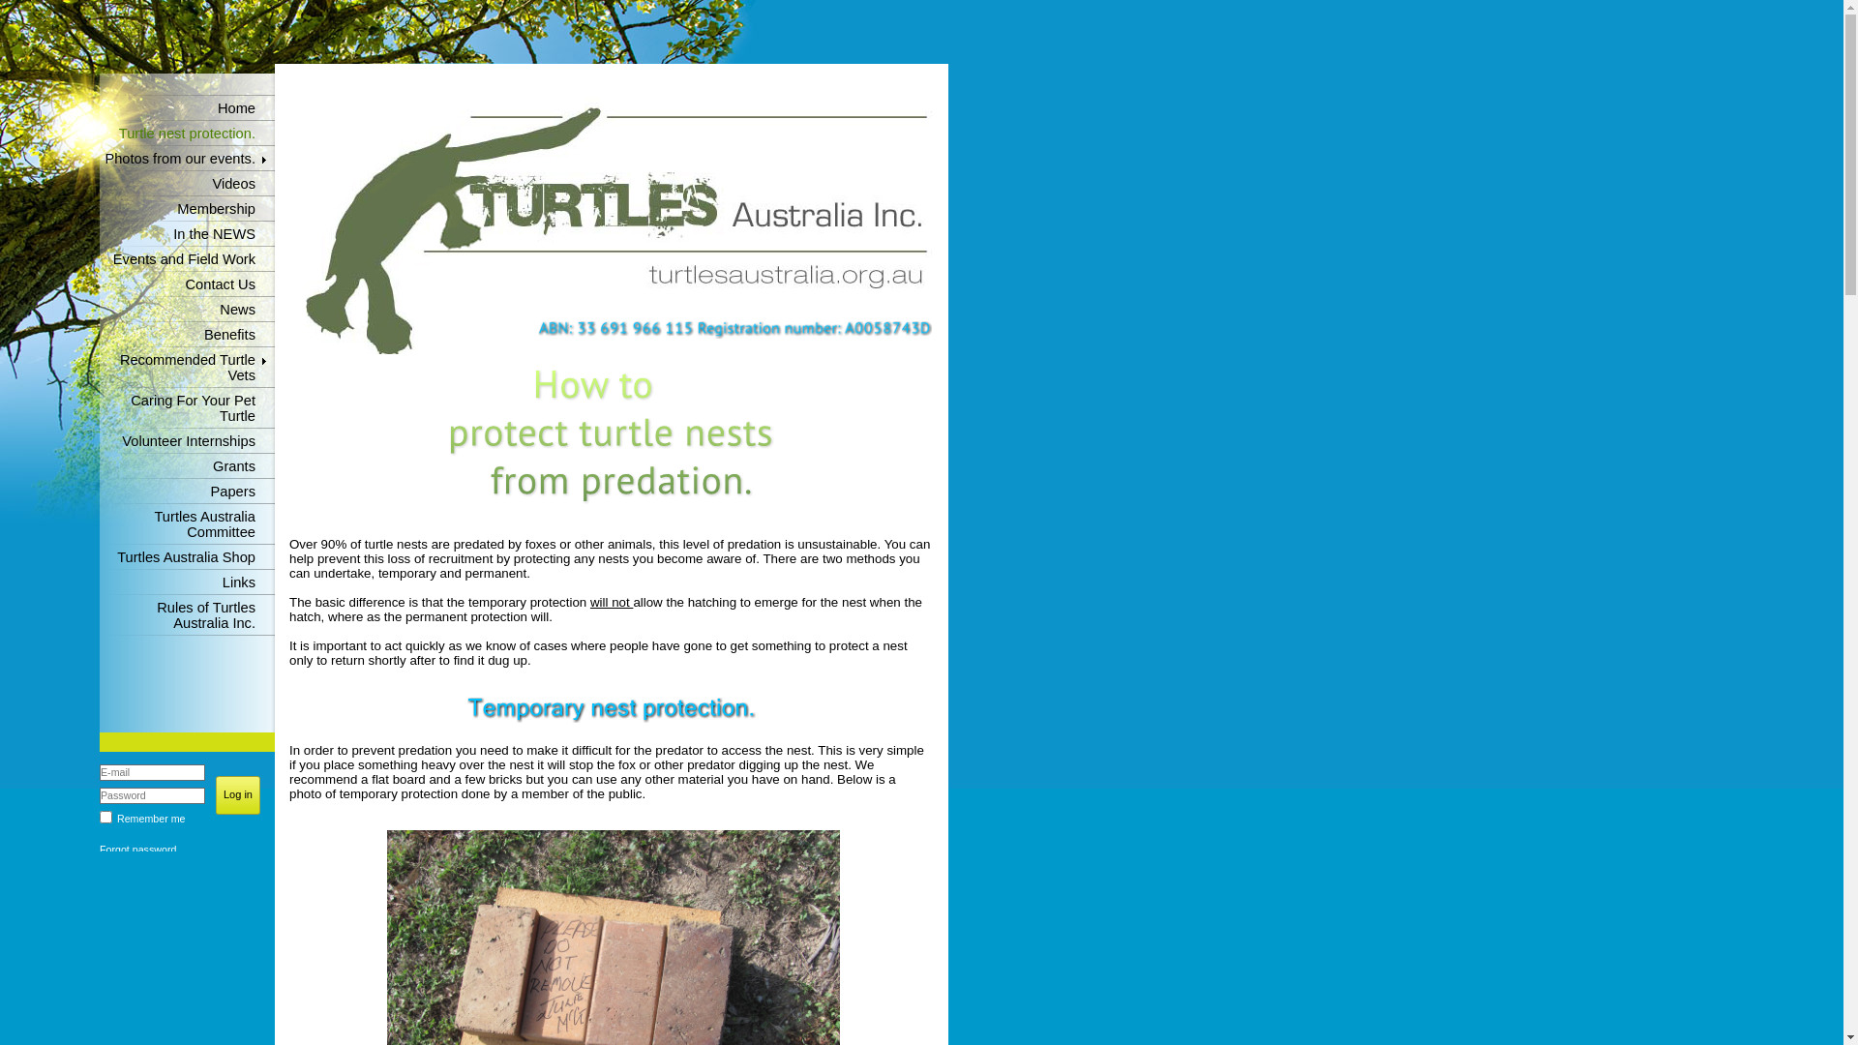 This screenshot has height=1045, width=1858. I want to click on 'News', so click(187, 309).